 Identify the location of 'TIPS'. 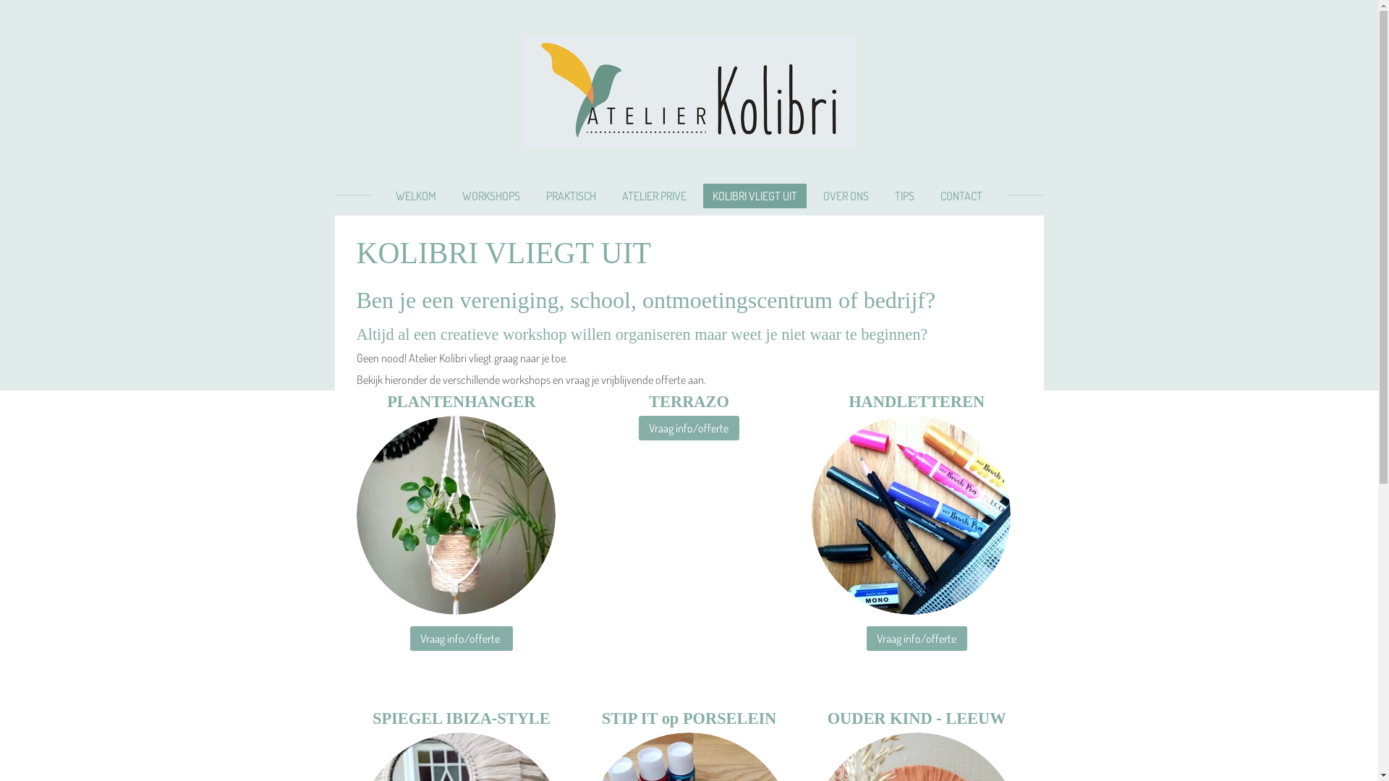
(904, 195).